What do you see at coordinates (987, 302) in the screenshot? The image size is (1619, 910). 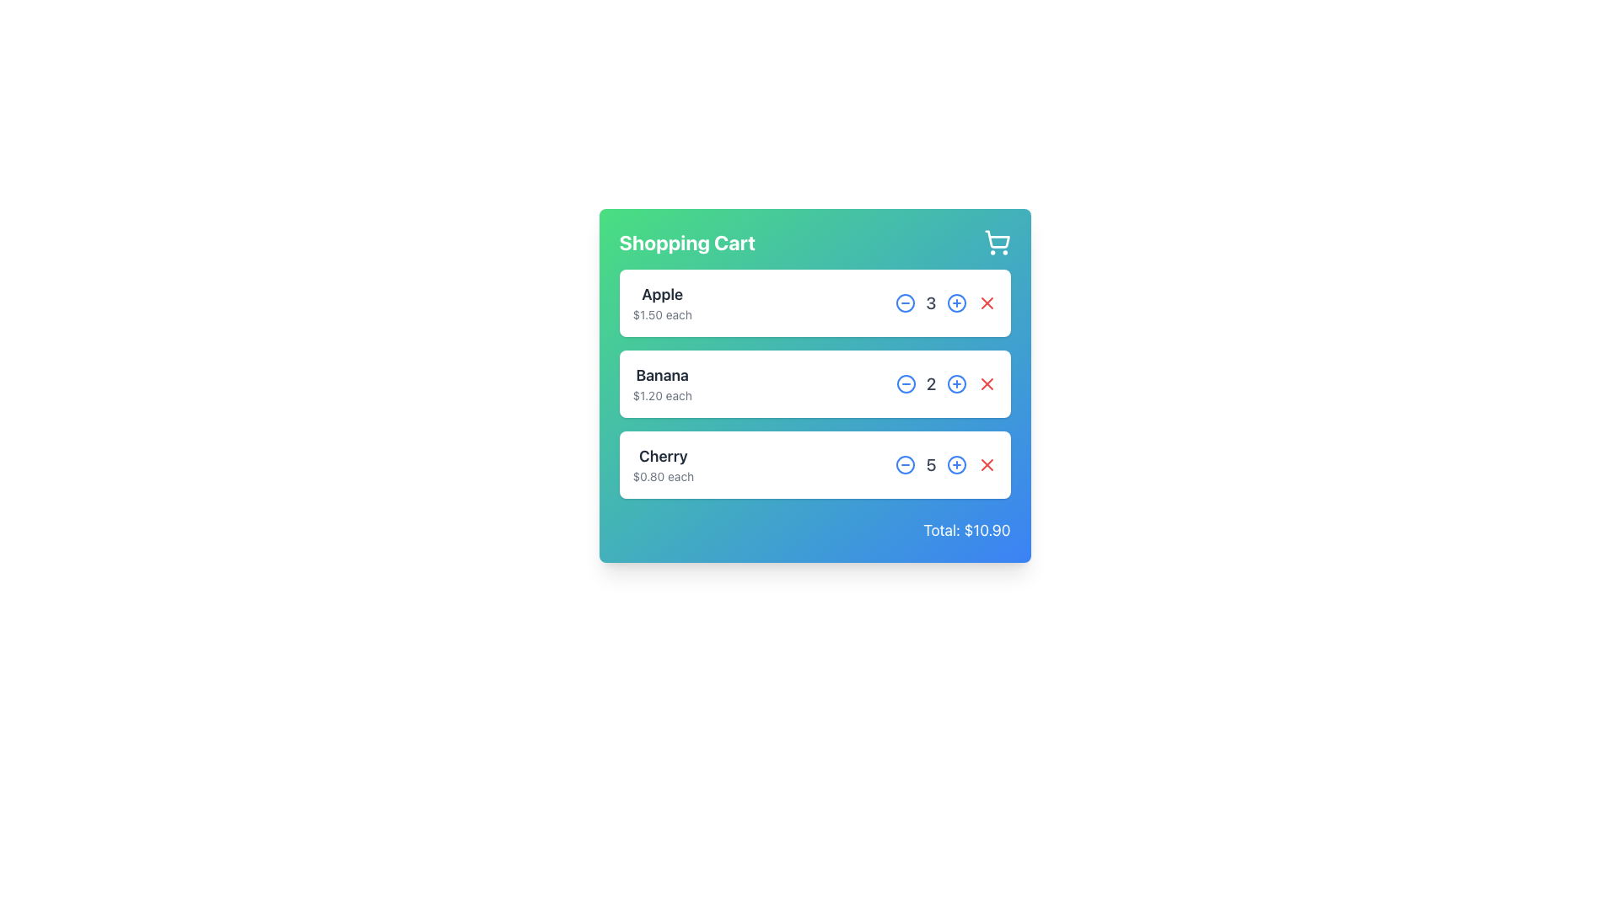 I see `the 'X' icon button located next to the 'Apple' item in the shopping cart` at bounding box center [987, 302].